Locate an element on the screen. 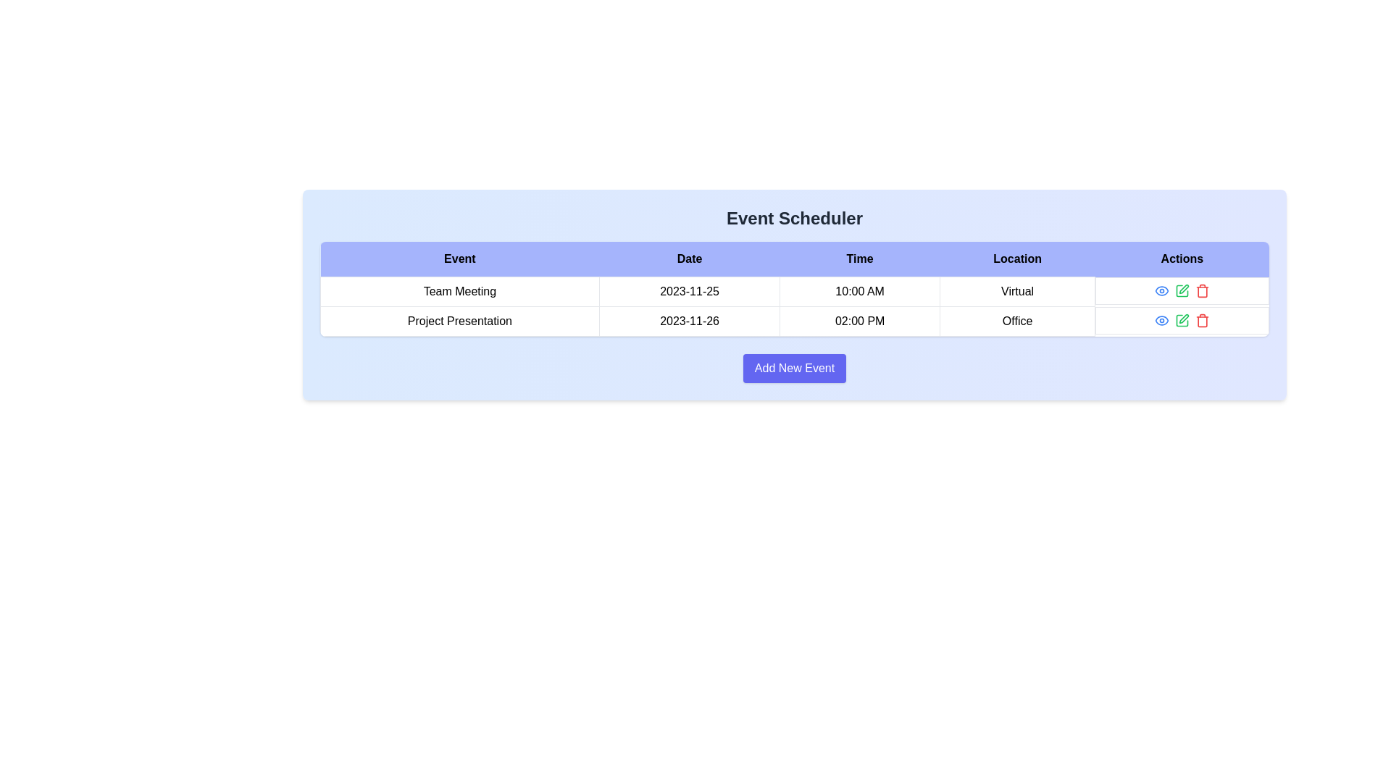 The image size is (1391, 782). the Text Label displaying the location of the event 'Project Presentation' on 2023-11-26 at 02:00 PM in the fourth cell of the 'Location' column in the table is located at coordinates (1016, 320).